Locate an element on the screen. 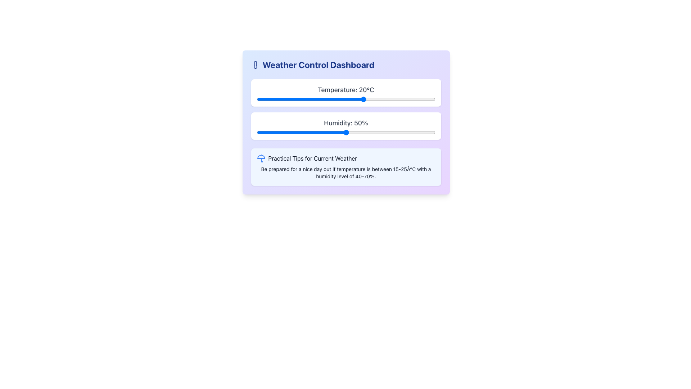 The image size is (691, 389). the text label displaying 'Practical Tips for Current Weather' which includes a blue umbrella icon, located in the second section of the main card on the dashboard is located at coordinates (346, 158).